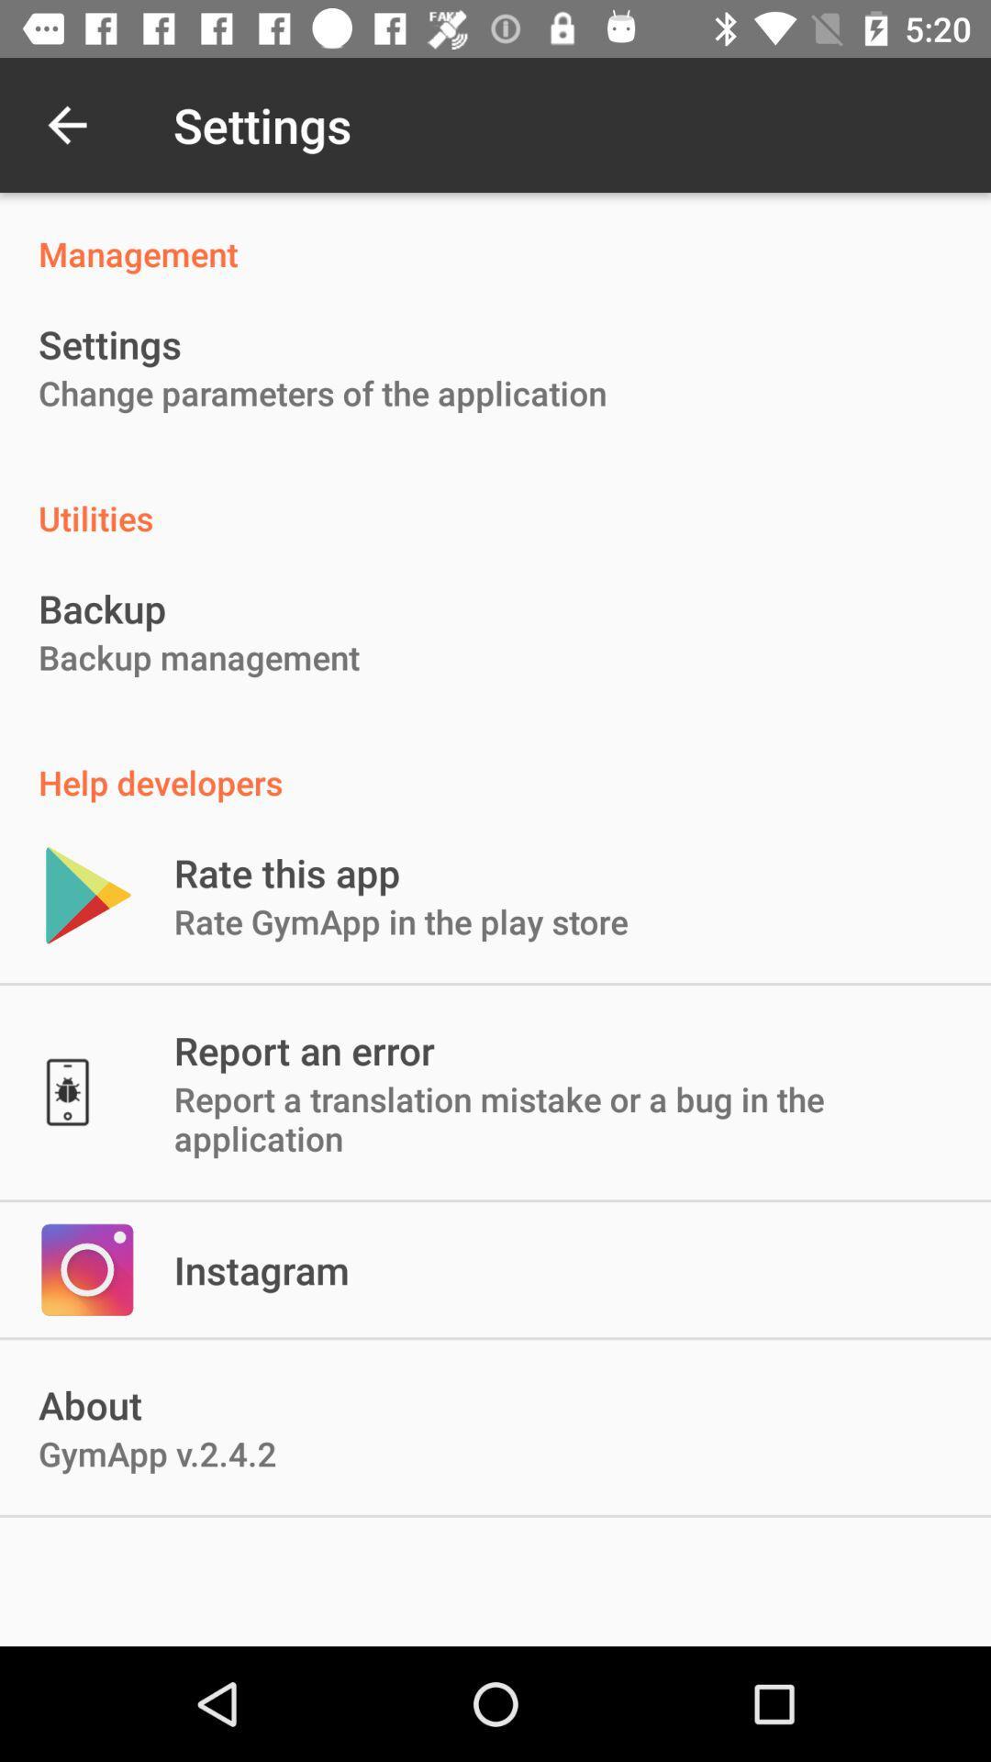  What do you see at coordinates (66, 124) in the screenshot?
I see `the item to the left of the settings app` at bounding box center [66, 124].